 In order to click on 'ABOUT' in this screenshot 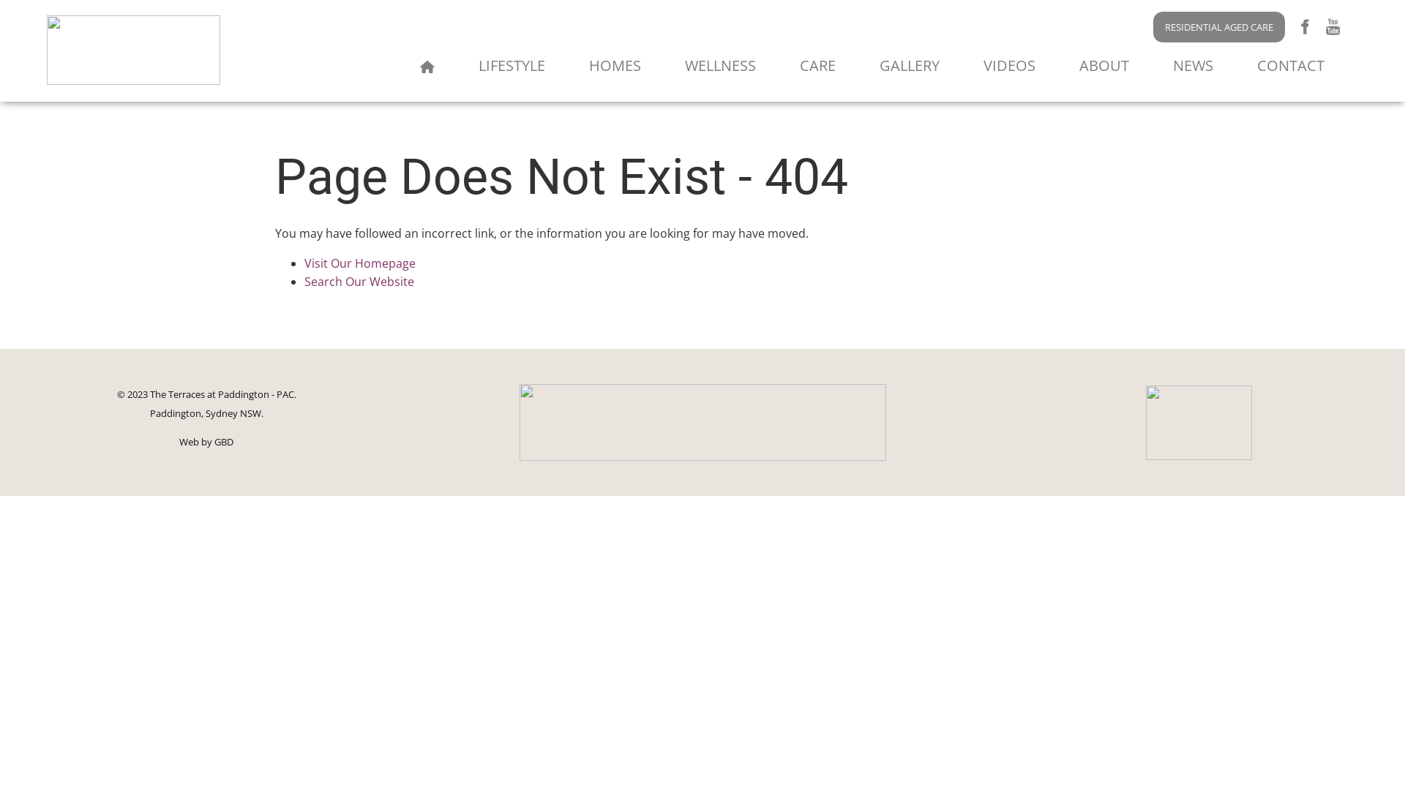, I will do `click(1057, 66)`.